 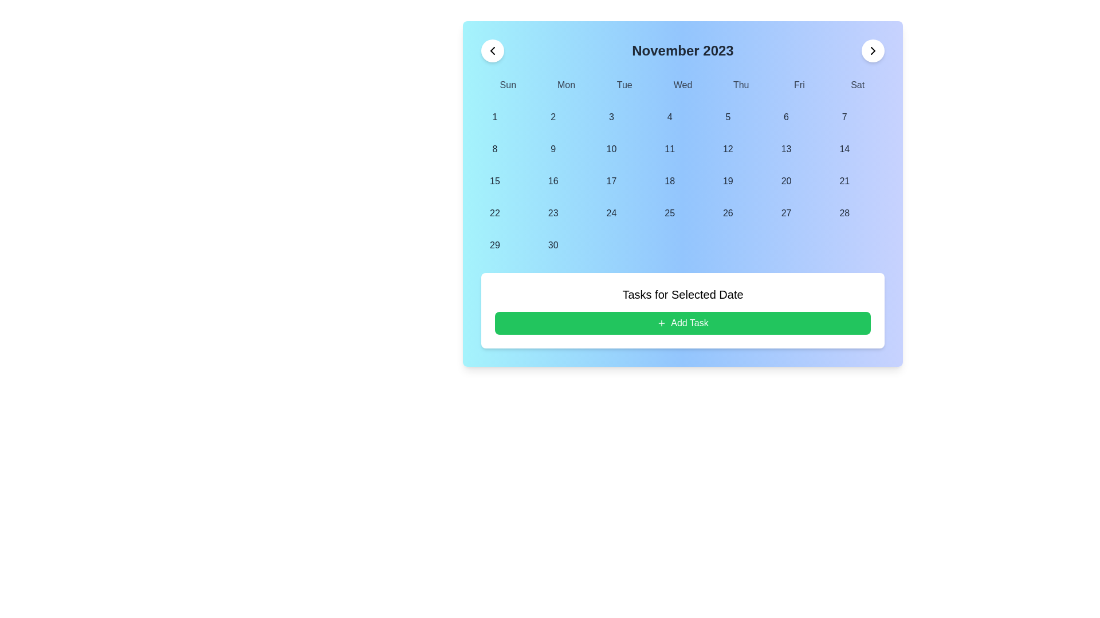 I want to click on the selectable calendar day button representing the date '23' in the fourth row and second column of the calendar grid, so click(x=553, y=213).